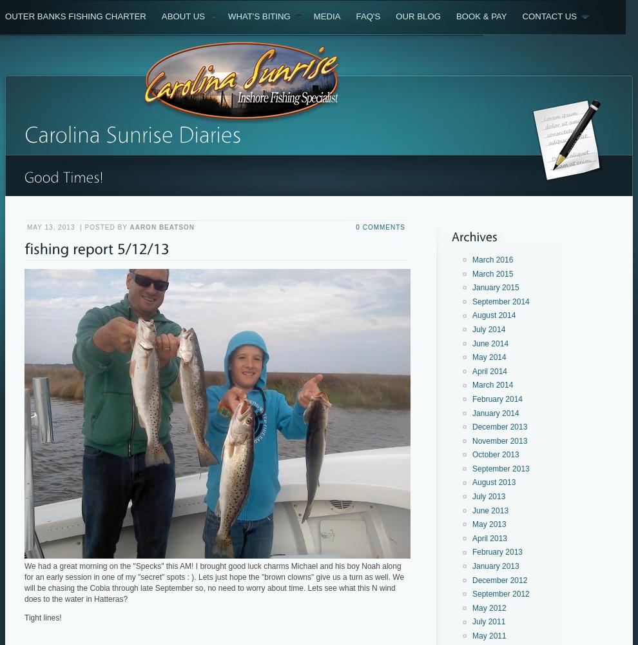  I want to click on 'August 2014', so click(494, 315).